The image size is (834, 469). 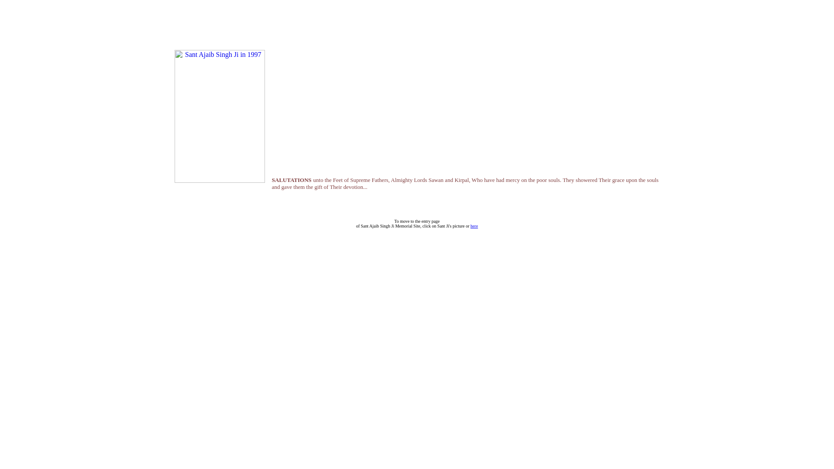 What do you see at coordinates (473, 225) in the screenshot?
I see `'here'` at bounding box center [473, 225].